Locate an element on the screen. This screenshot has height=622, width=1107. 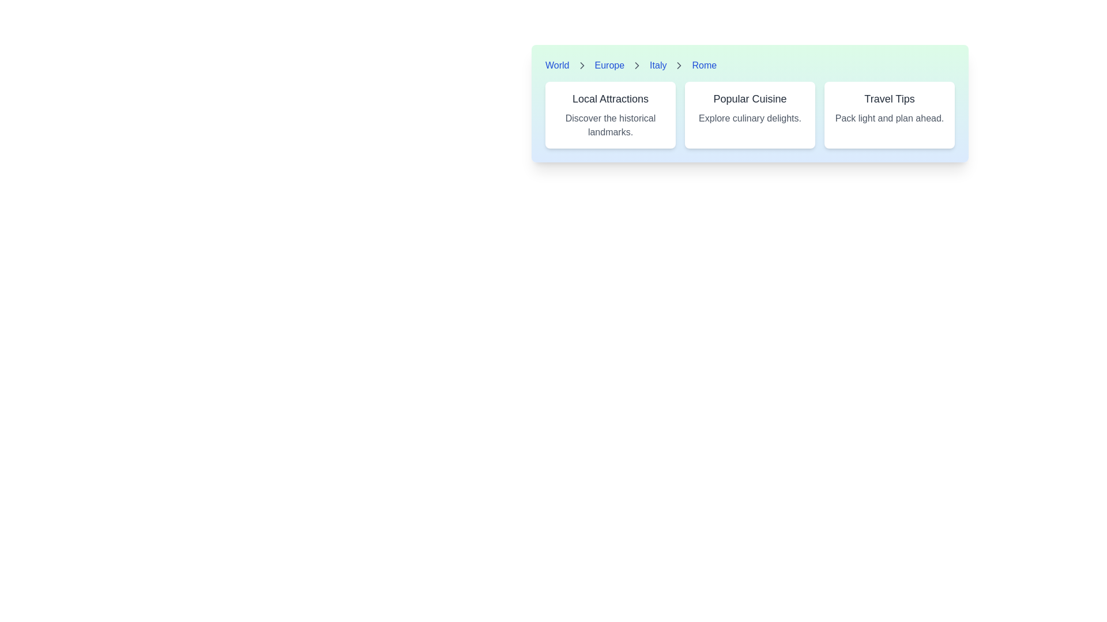
the rightward chevron icon located in the breadcrumb navigation bar immediately after the word 'Italy' is located at coordinates (637, 66).